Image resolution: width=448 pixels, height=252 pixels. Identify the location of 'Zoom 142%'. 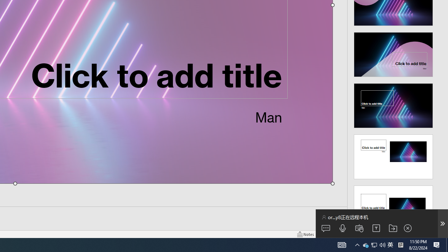
(432, 234).